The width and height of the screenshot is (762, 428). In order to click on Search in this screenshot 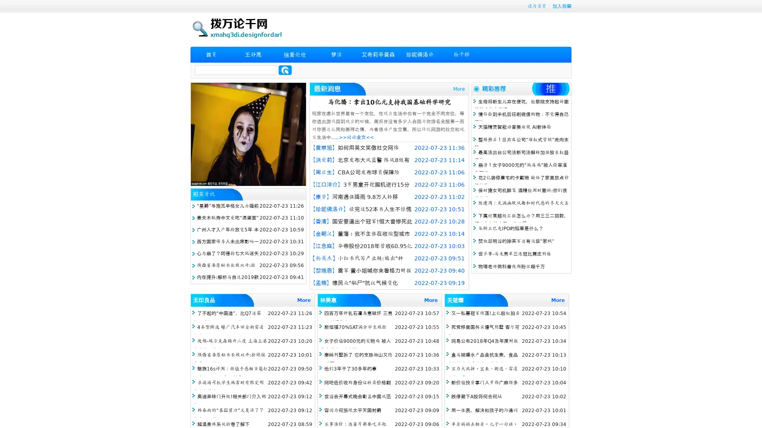, I will do `click(285, 70)`.